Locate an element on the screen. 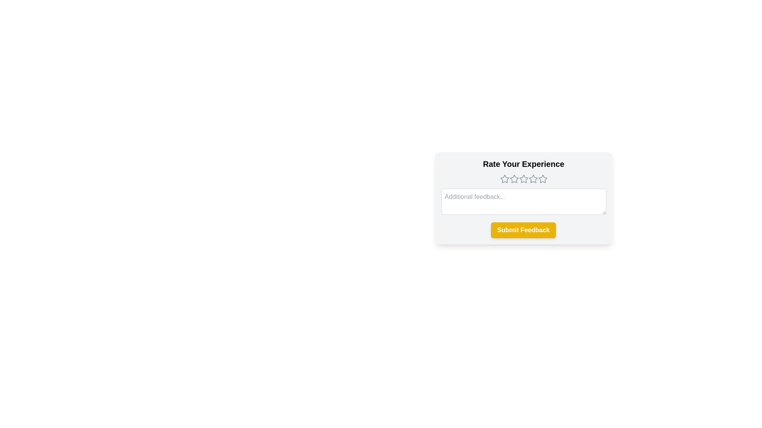 Image resolution: width=762 pixels, height=428 pixels. the first star icon in the rating system under the 'Rate Your Experience' text is located at coordinates (504, 179).